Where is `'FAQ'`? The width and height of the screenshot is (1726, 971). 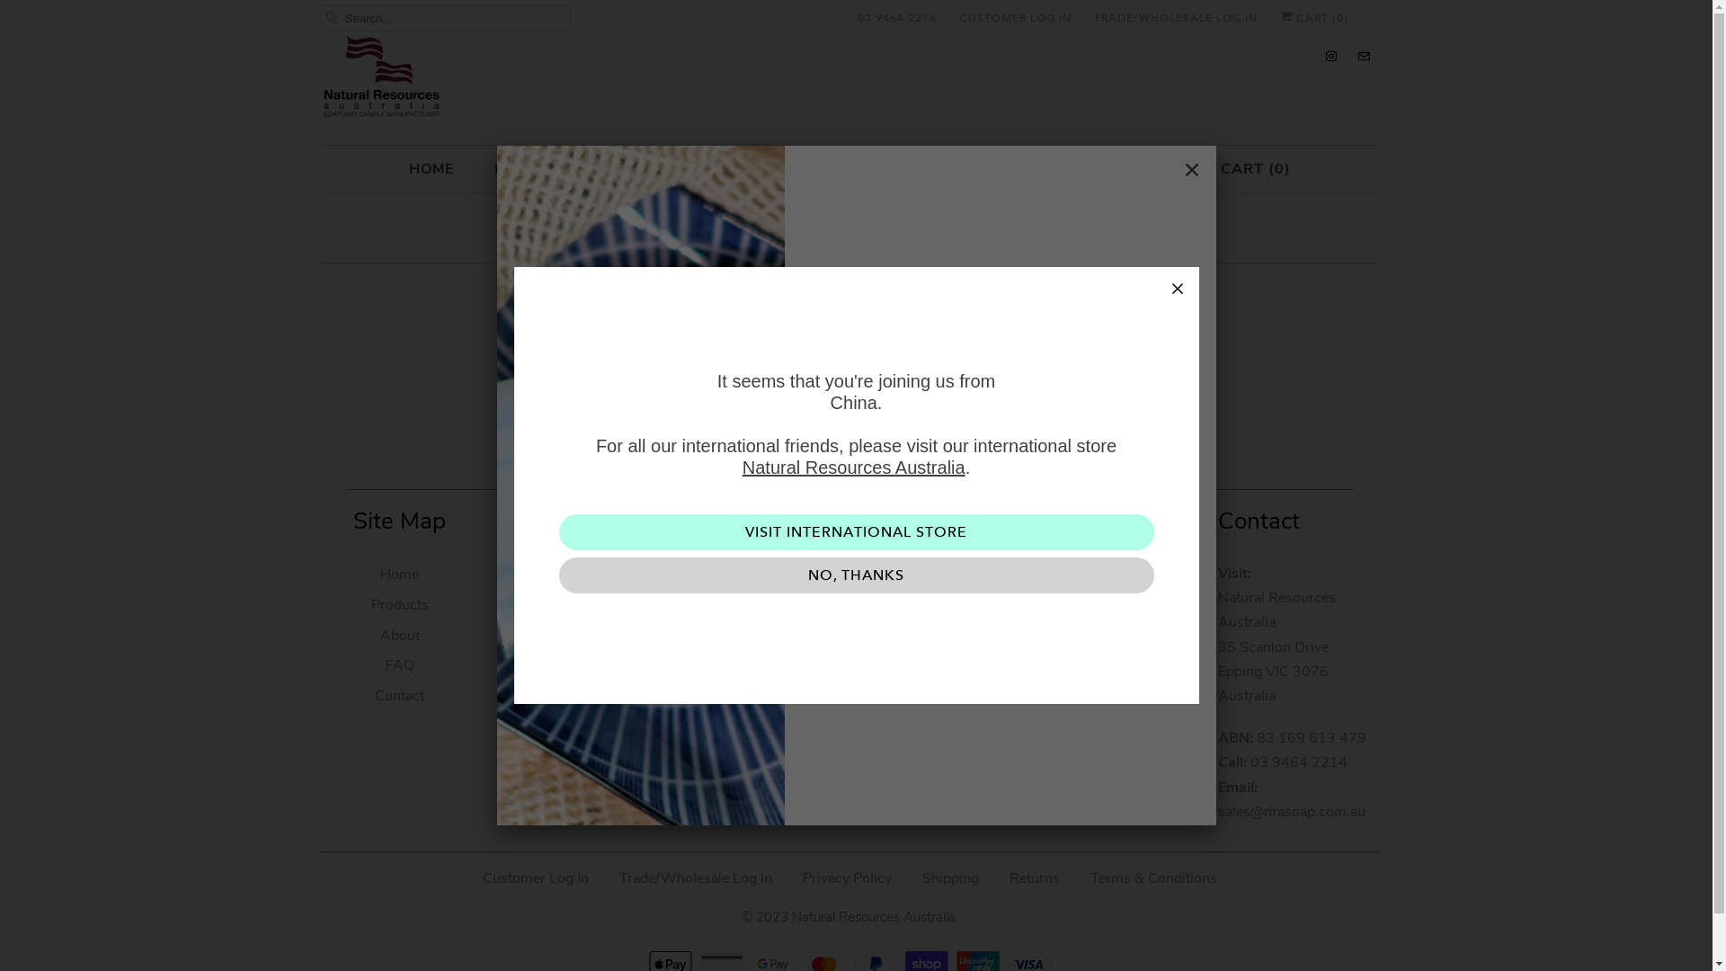 'FAQ' is located at coordinates (1015, 169).